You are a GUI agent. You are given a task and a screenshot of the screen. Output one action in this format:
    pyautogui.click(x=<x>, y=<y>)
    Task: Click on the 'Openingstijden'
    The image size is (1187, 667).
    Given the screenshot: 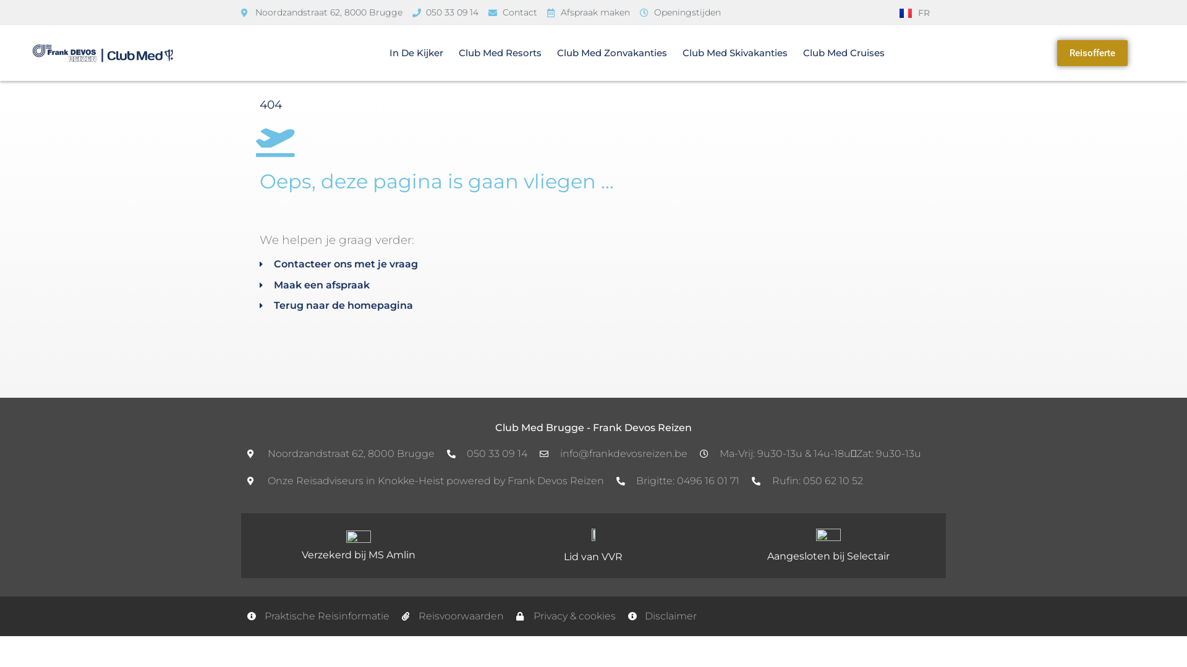 What is the action you would take?
    pyautogui.click(x=679, y=12)
    